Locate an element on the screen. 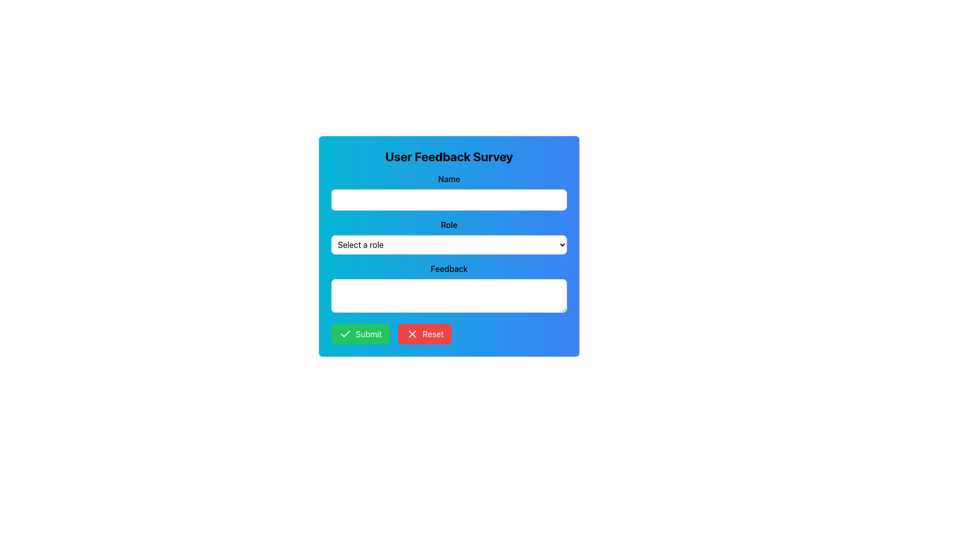  Text Label that provides context about the dropdown menu labeled 'Select a role', which is positioned at the top of the form interface is located at coordinates (449, 224).